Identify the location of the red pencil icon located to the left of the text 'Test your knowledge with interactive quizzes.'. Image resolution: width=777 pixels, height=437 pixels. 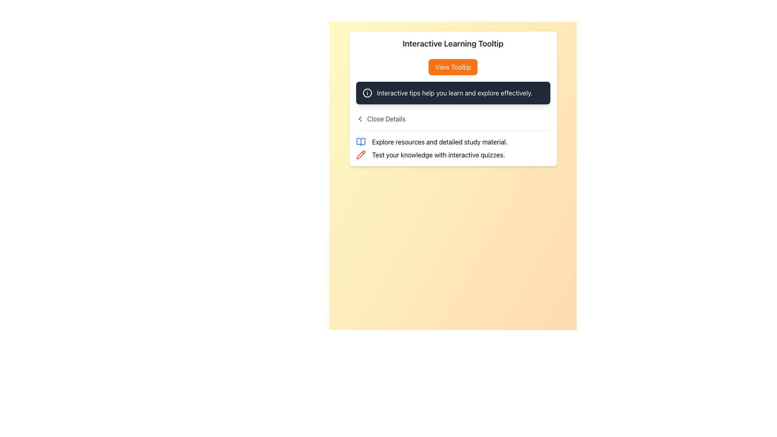
(360, 155).